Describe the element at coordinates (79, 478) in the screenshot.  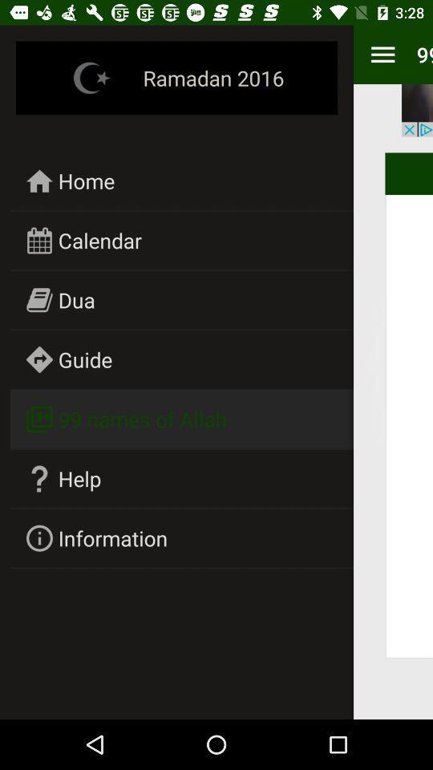
I see `help item` at that location.